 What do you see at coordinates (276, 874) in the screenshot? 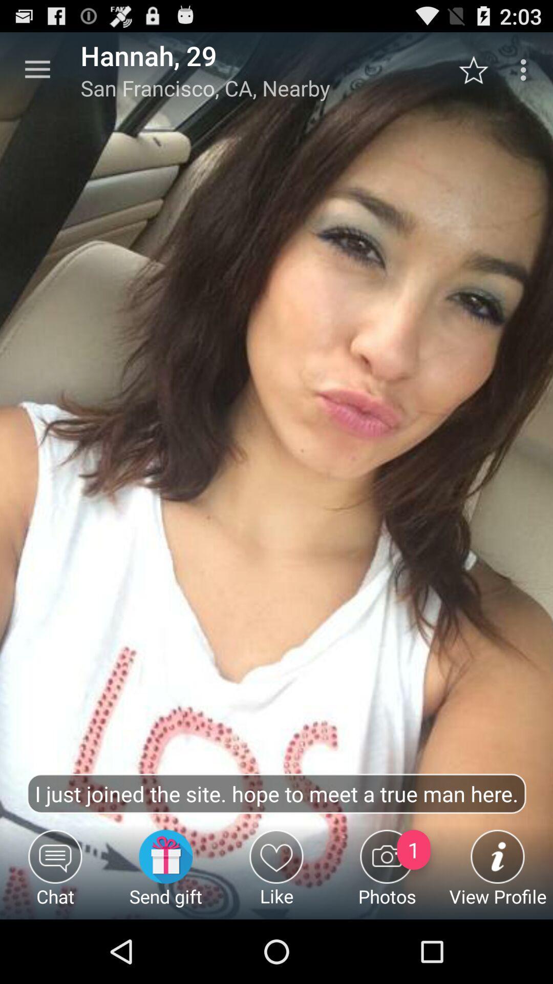
I see `icon below the i just joined icon` at bounding box center [276, 874].